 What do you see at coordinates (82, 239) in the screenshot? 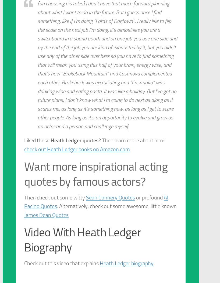
I see `'Video With Heath Ledger Biography'` at bounding box center [82, 239].